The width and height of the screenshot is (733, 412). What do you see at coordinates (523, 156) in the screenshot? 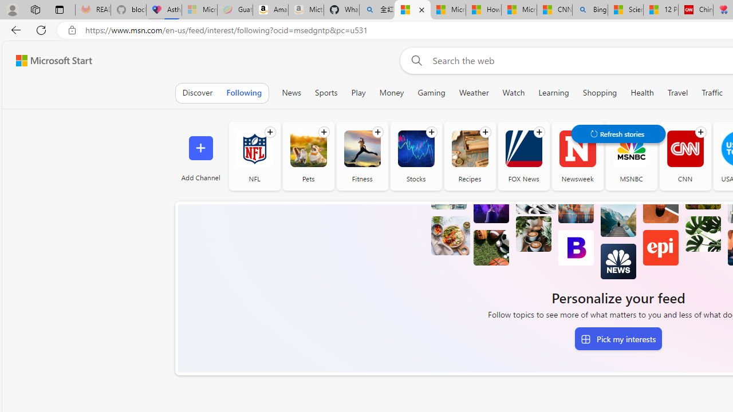
I see `'FOX News'` at bounding box center [523, 156].